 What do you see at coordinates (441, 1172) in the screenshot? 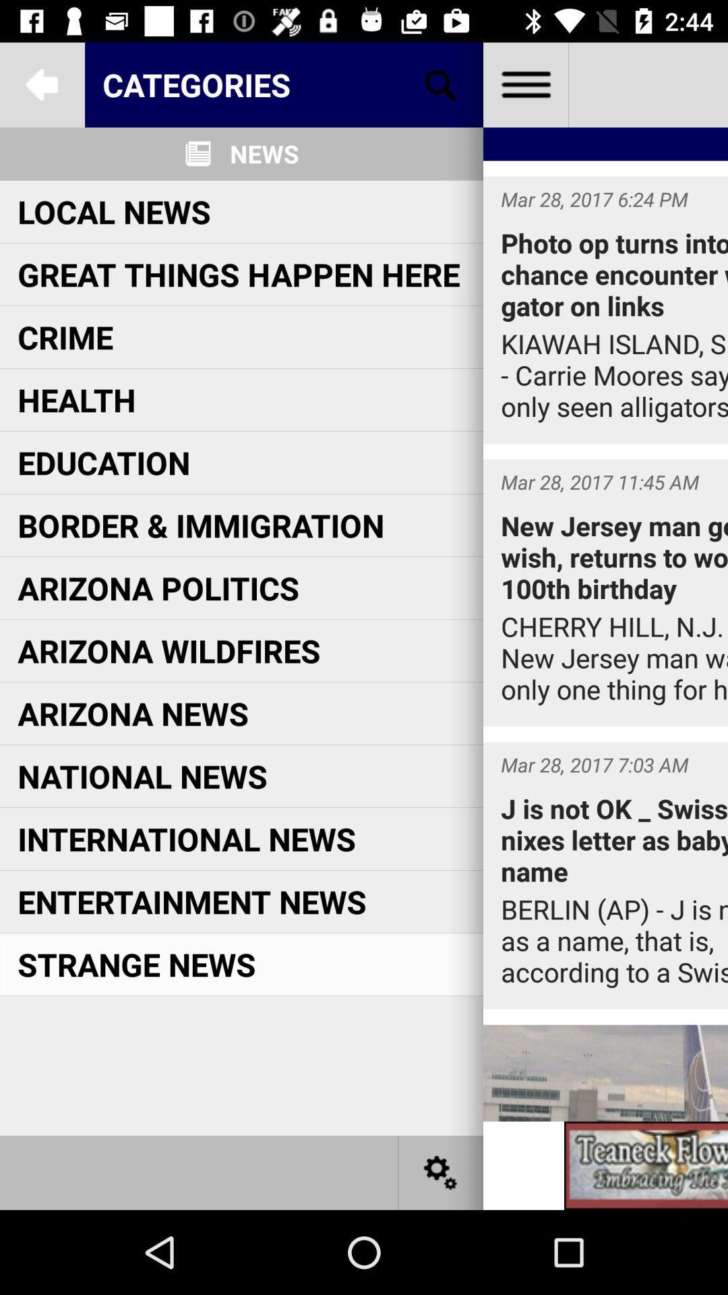
I see `the settings icon` at bounding box center [441, 1172].